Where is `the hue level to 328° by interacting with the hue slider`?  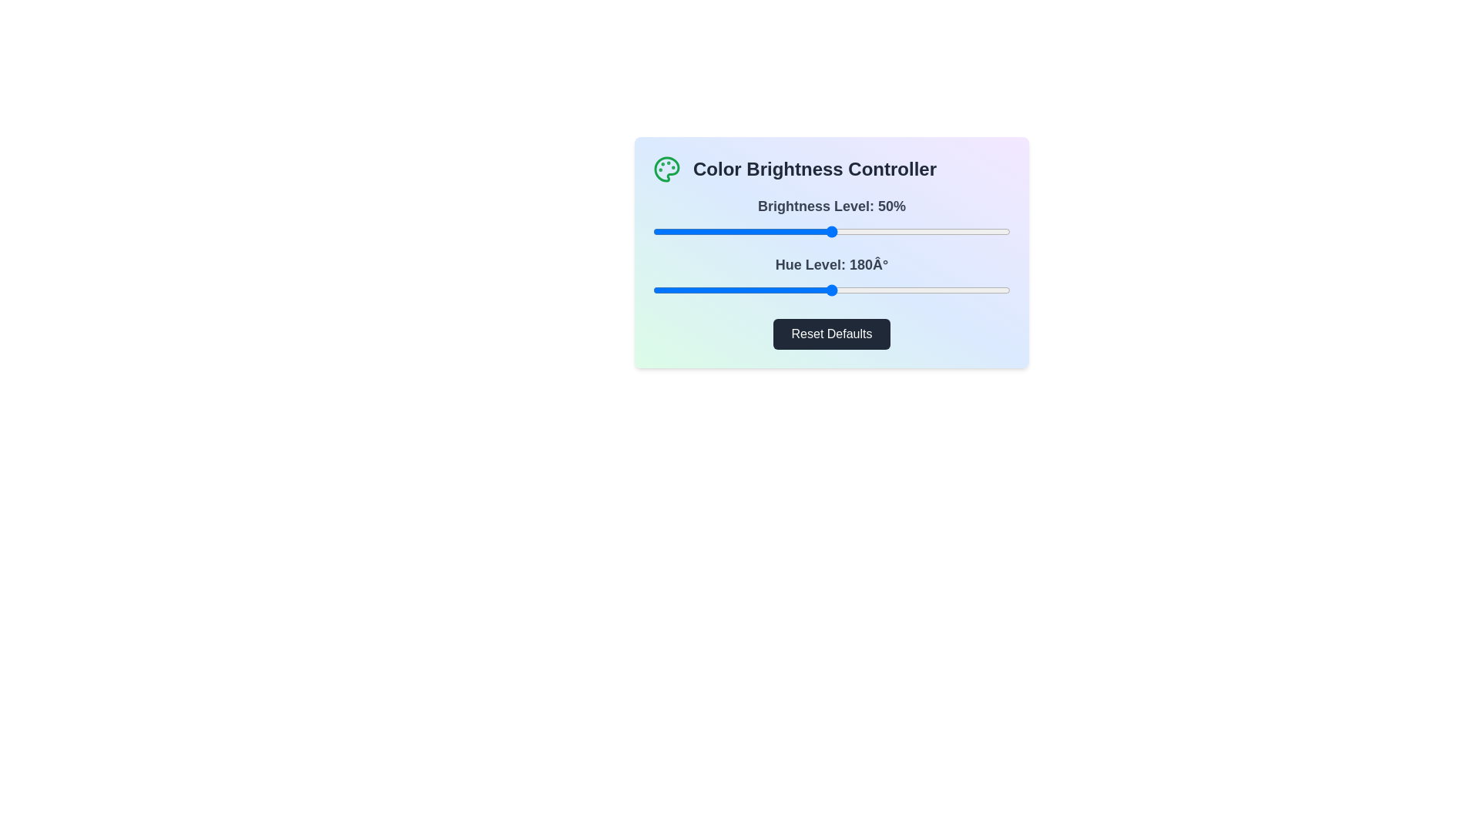 the hue level to 328° by interacting with the hue slider is located at coordinates (978, 290).